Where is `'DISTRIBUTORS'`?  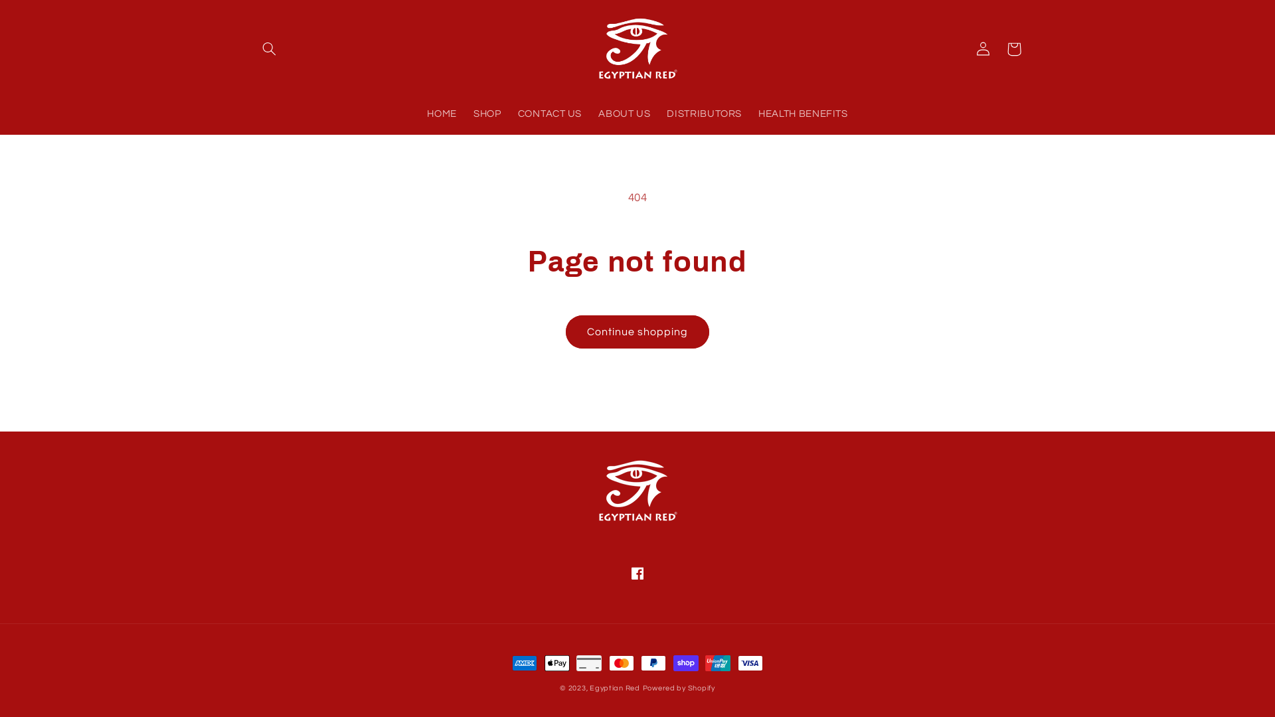
'DISTRIBUTORS' is located at coordinates (703, 114).